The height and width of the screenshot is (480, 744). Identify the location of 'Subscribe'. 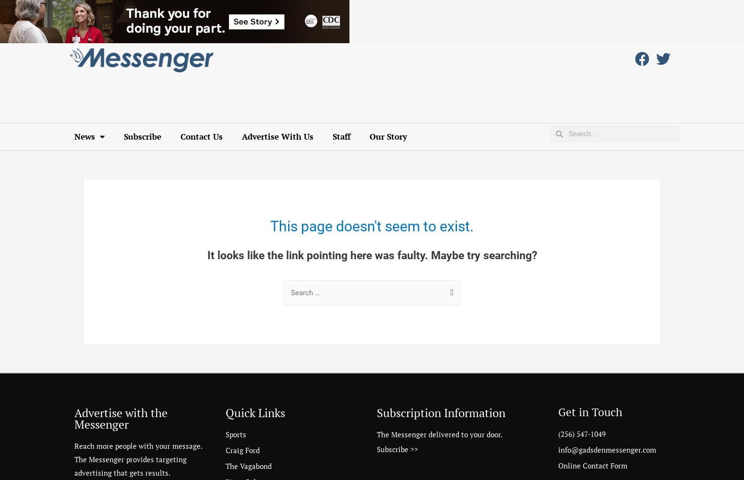
(124, 136).